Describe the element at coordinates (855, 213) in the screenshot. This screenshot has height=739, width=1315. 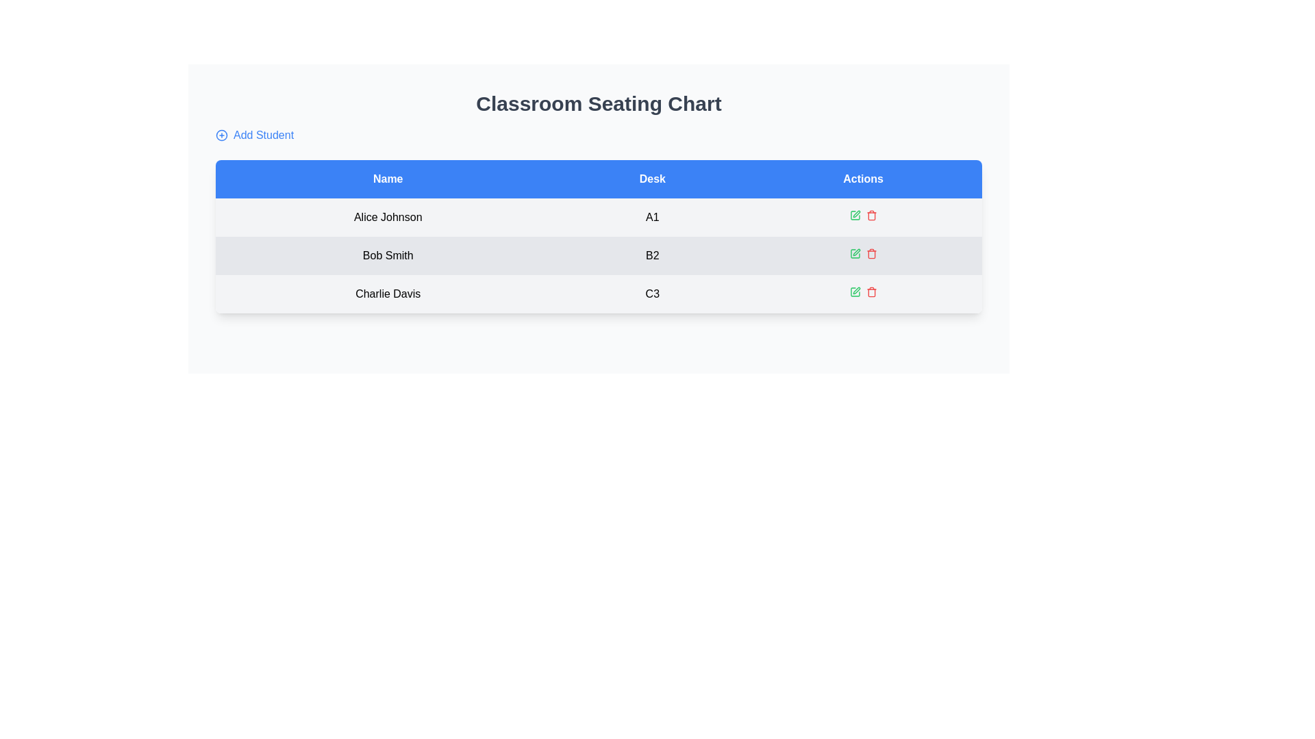
I see `the green pen icon button located in the 'Actions' column of the second row in the 'Classroom Seating Chart' table for the item 'Bob Smith' with desk identifier 'B2'` at that location.